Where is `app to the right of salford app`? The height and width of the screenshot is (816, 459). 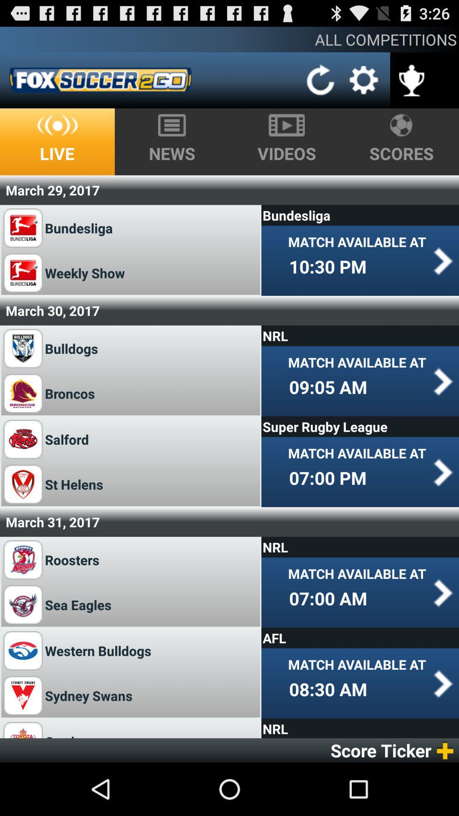
app to the right of salford app is located at coordinates (360, 426).